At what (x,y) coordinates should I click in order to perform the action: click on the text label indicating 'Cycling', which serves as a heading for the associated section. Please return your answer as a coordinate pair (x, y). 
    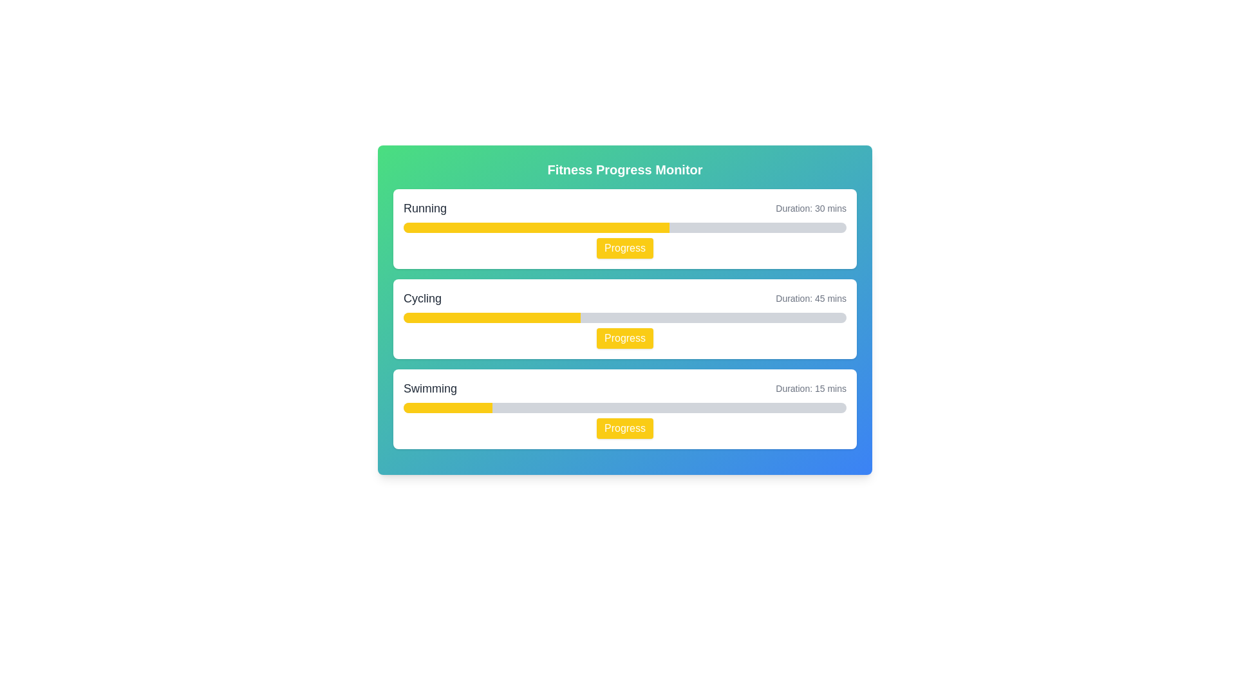
    Looking at the image, I should click on (422, 298).